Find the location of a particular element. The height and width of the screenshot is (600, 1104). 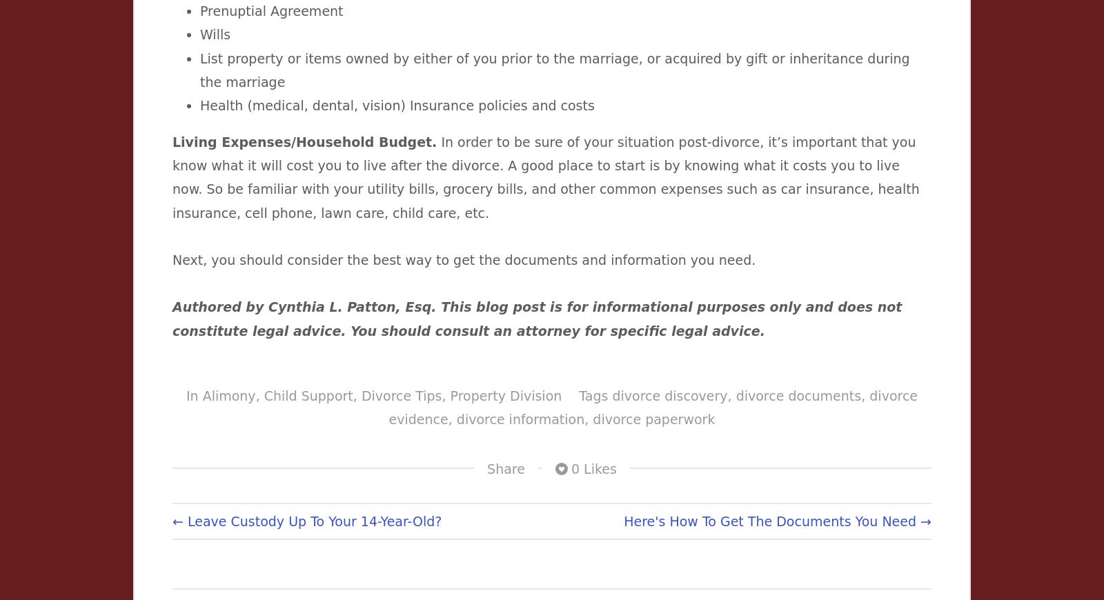

'Next, you should consider the best way to get the documents and information you need.' is located at coordinates (464, 259).